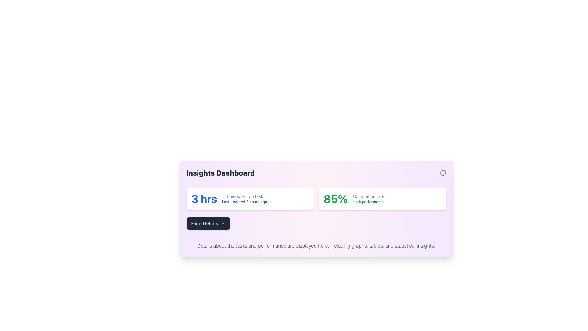 This screenshot has width=588, height=331. I want to click on the text label that provides information about the task's duration and the timestamp of its last update, located to the right of the large blue text '3 hrs' within a rectangular white card, so click(244, 199).